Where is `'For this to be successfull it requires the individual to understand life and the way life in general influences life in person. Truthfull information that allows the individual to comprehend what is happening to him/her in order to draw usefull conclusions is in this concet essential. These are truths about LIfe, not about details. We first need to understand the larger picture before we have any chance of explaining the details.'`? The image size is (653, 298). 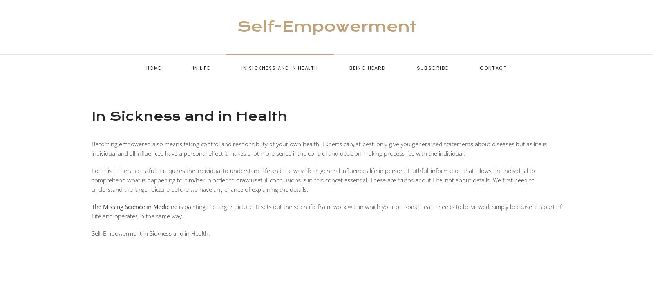
'For this to be successfull it requires the individual to understand life and the way life in general influences life in person. Truthfull information that allows the individual to comprehend what is happening to him/her in order to draw usefull conclusions is in this concet essential. These are truths about LIfe, not about details. We first need to understand the larger picture before we have any chance of explaining the details.' is located at coordinates (313, 179).